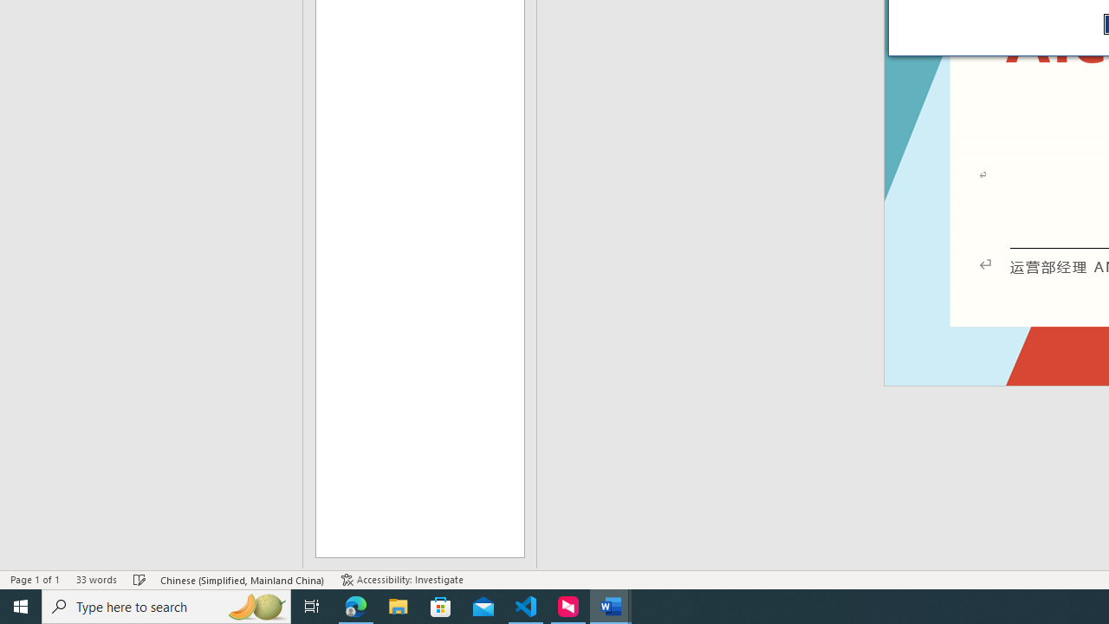 The height and width of the screenshot is (624, 1109). I want to click on 'Type here to search', so click(166, 605).